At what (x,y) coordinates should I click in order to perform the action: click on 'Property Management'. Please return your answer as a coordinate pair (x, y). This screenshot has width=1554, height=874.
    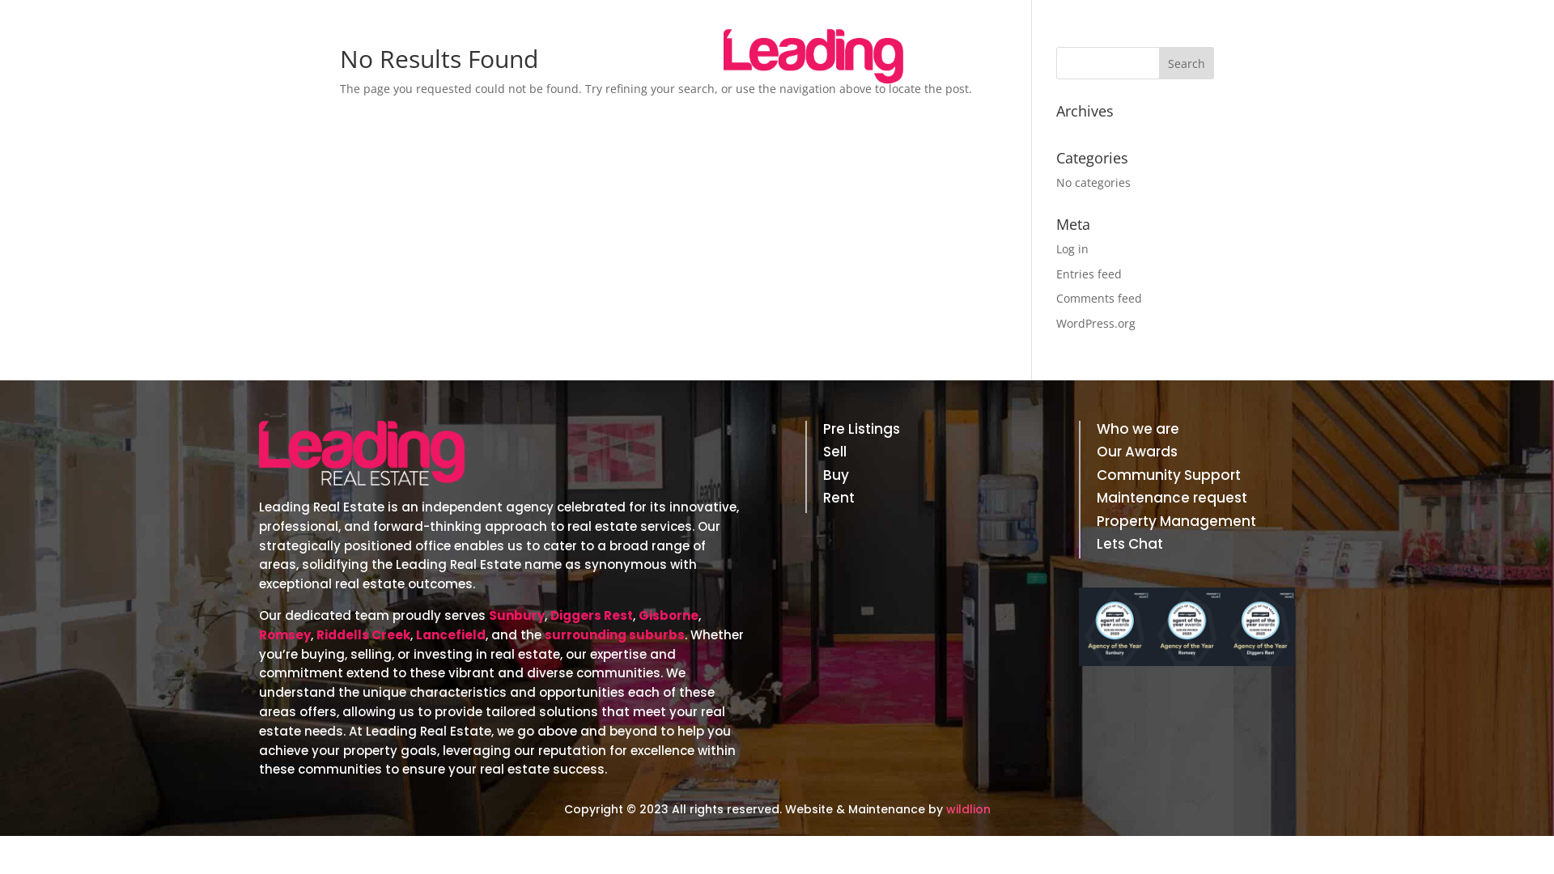
    Looking at the image, I should click on (1187, 524).